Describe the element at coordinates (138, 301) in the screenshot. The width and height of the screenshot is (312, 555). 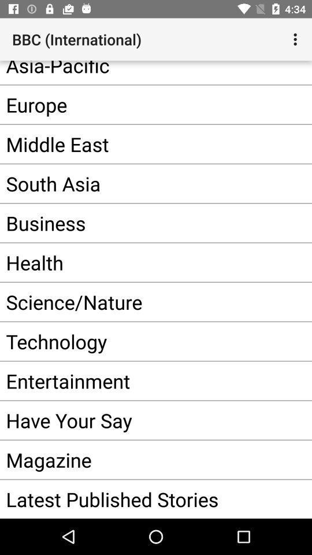
I see `the science/nature app` at that location.